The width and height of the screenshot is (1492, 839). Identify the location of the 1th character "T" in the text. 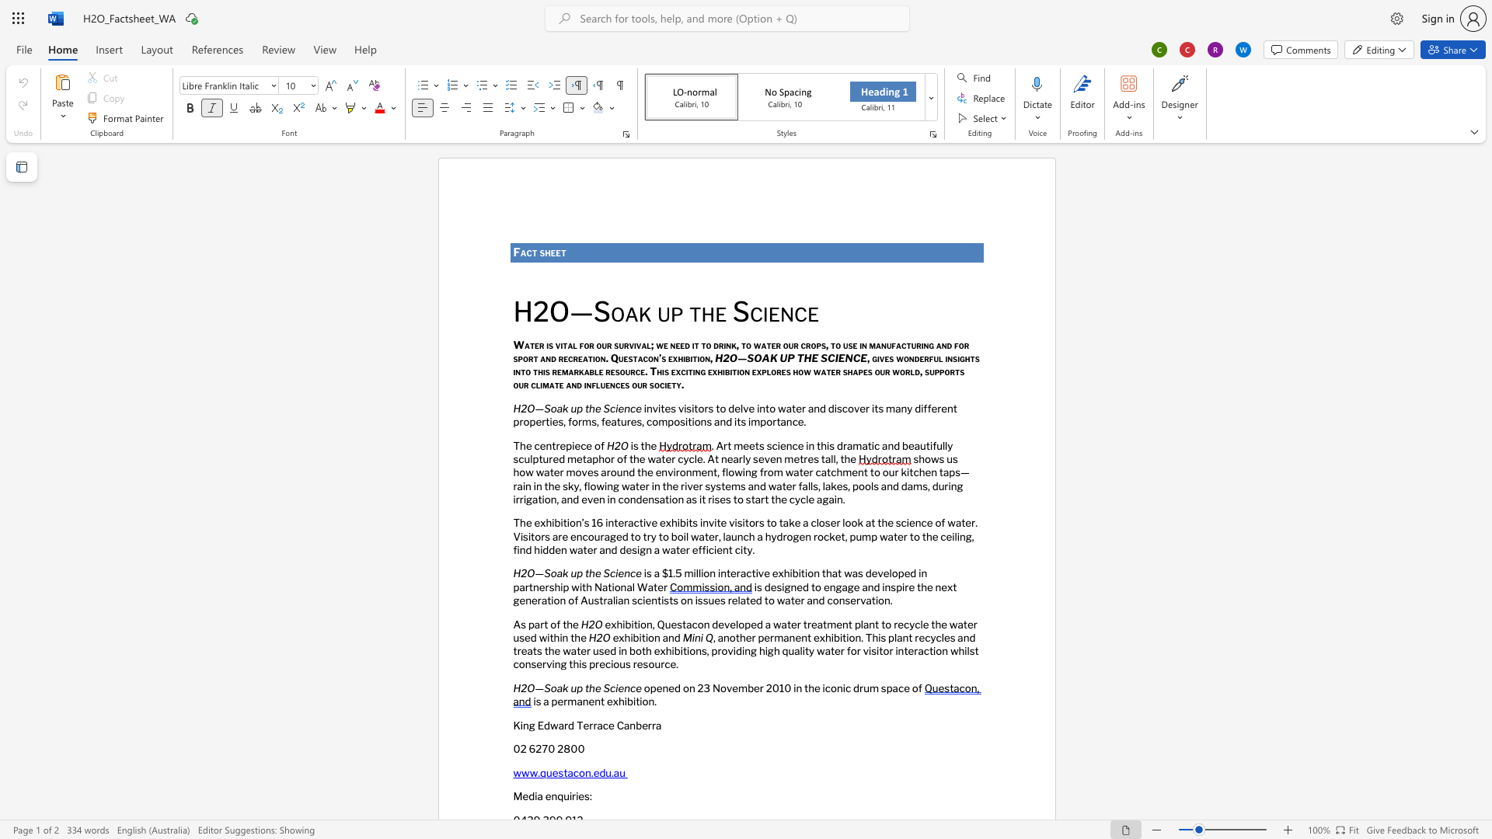
(516, 445).